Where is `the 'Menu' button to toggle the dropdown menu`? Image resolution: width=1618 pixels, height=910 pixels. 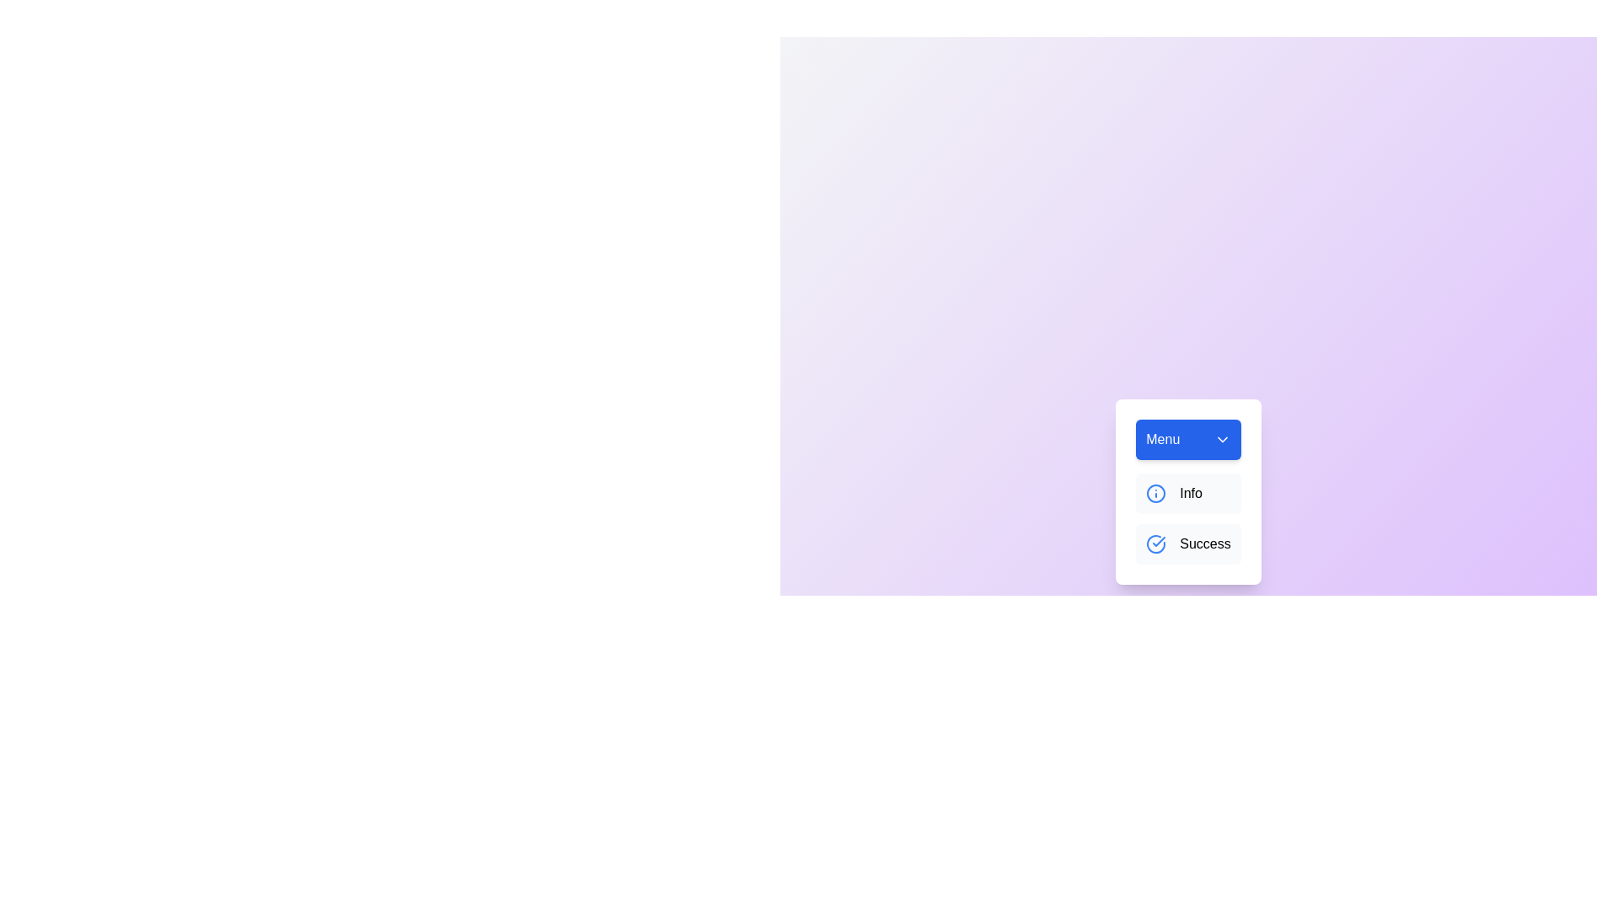
the 'Menu' button to toggle the dropdown menu is located at coordinates (1187, 438).